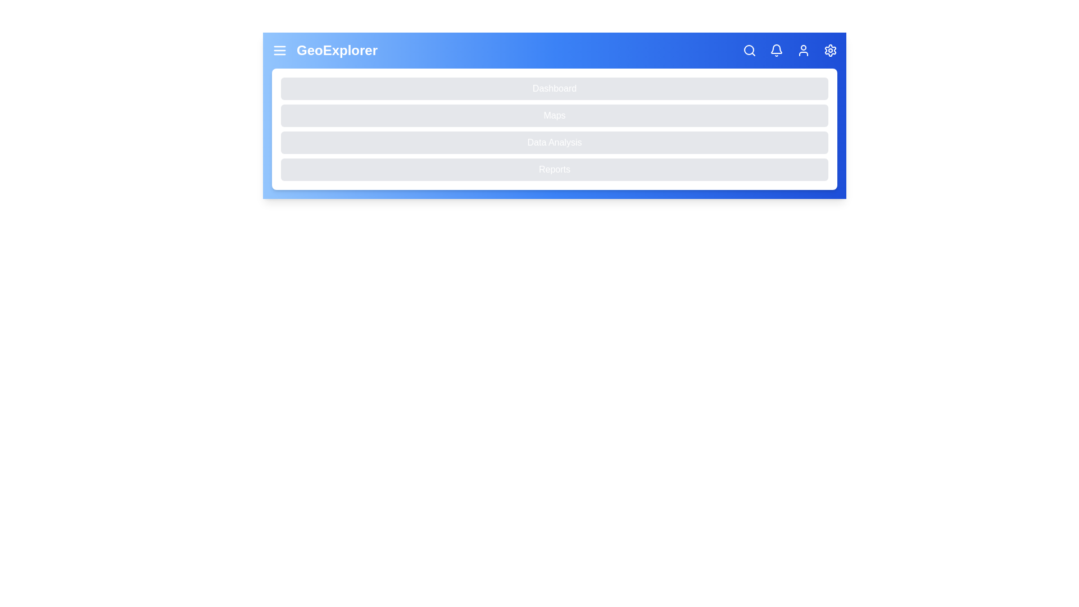  What do you see at coordinates (831, 49) in the screenshot?
I see `the settings icon to open the settings menu` at bounding box center [831, 49].